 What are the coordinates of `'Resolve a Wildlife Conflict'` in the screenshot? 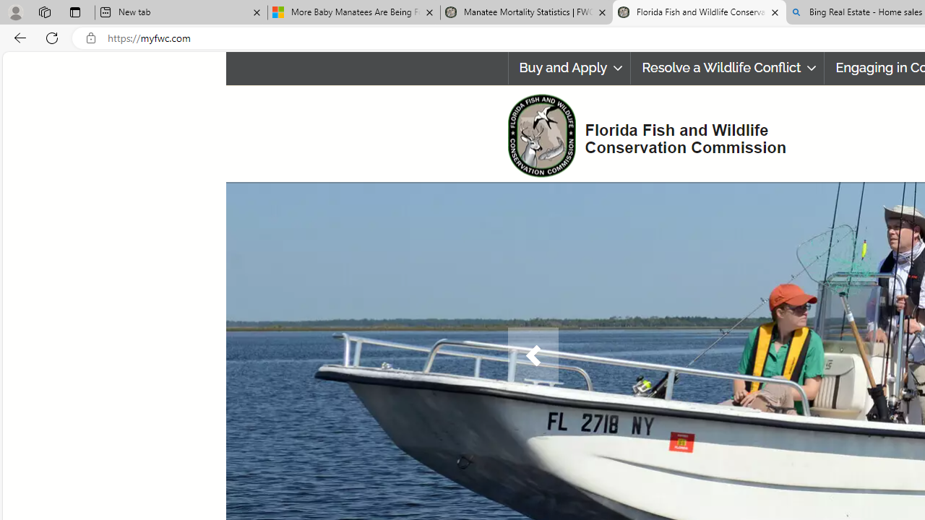 It's located at (728, 68).